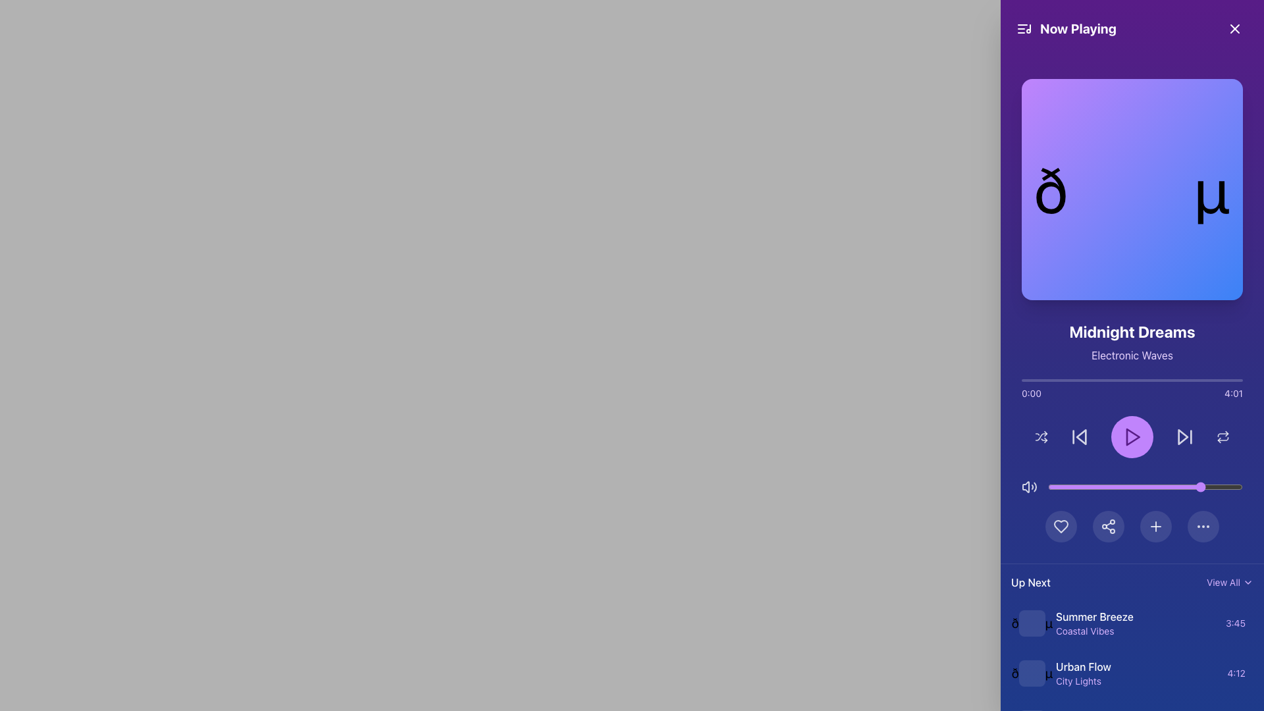 Image resolution: width=1264 pixels, height=711 pixels. Describe the element at coordinates (1131, 623) in the screenshot. I see `the first track button in the 'Up Next' playlist` at that location.